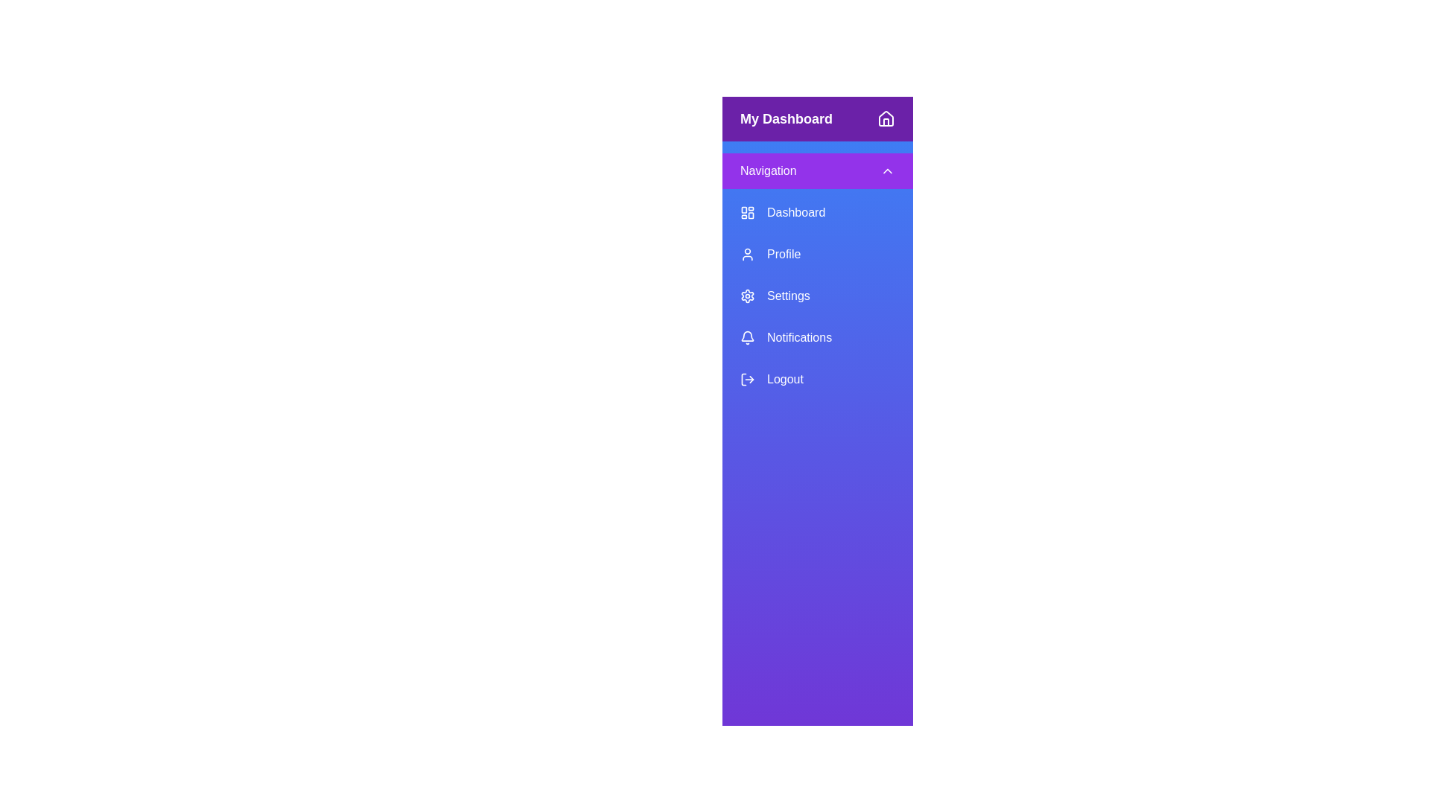 This screenshot has height=804, width=1430. What do you see at coordinates (768, 170) in the screenshot?
I see `the Text Label that serves as the title for the navigation menu, located at the upper-left corner of the header, to provide context for navigation` at bounding box center [768, 170].